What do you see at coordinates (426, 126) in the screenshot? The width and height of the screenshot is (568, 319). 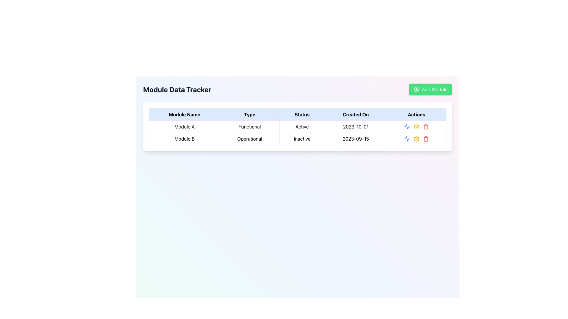 I see `the trash icon in the Action column of the second row of the table` at bounding box center [426, 126].